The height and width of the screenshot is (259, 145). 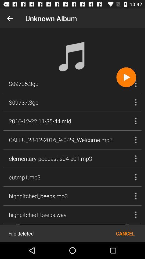 What do you see at coordinates (50, 158) in the screenshot?
I see `elementary podcast s04 icon` at bounding box center [50, 158].